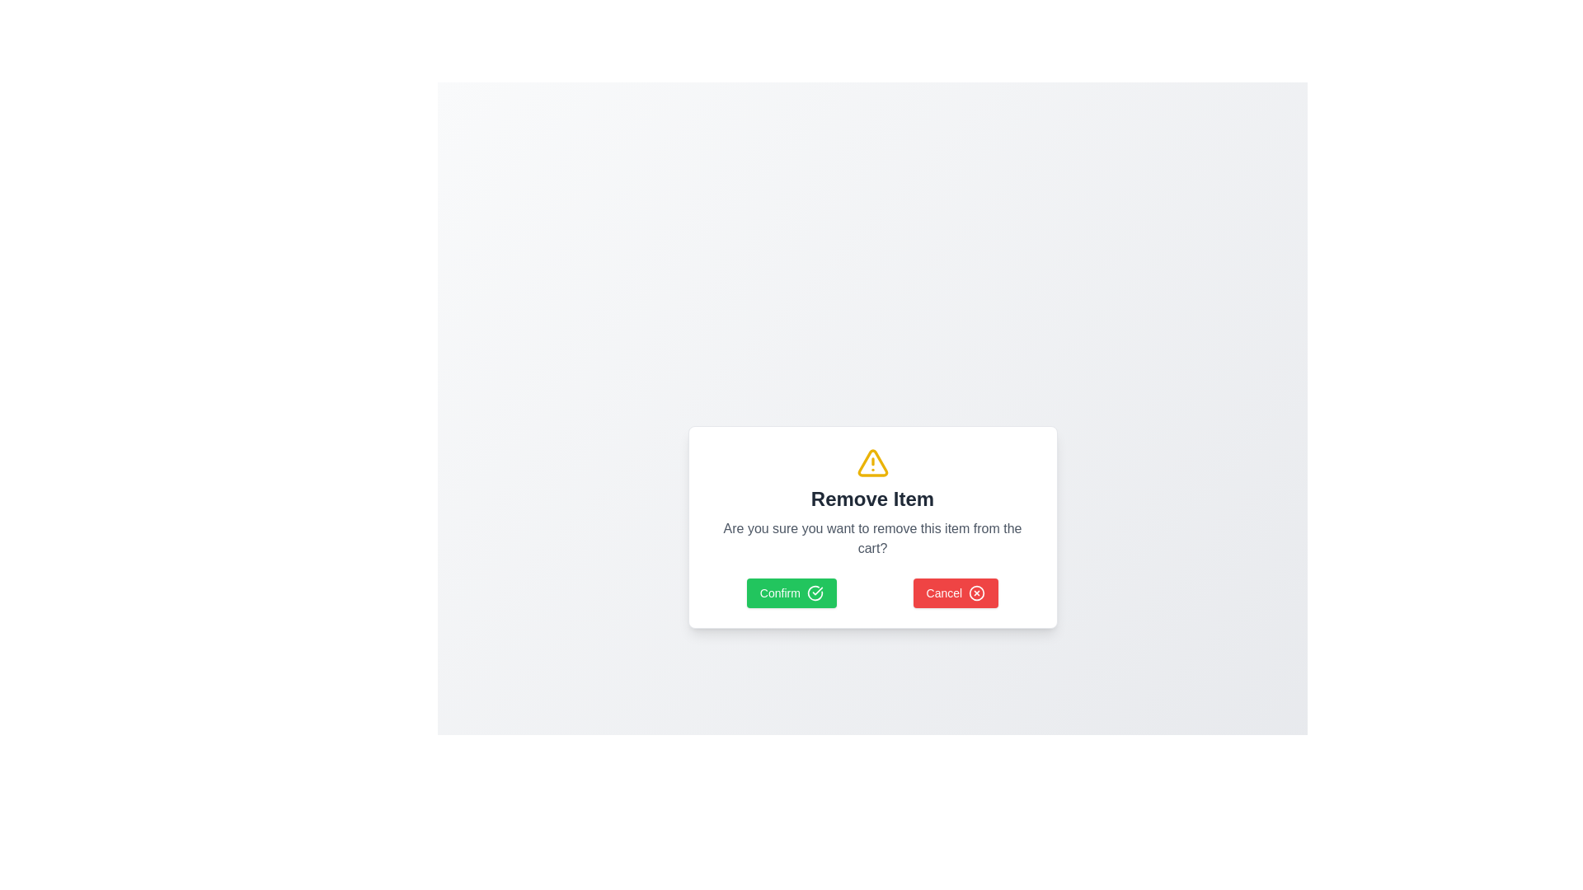 The image size is (1583, 890). I want to click on the red circular graphical element located inside the 'Cancel' button on the notification interface's bottom-right section, so click(977, 593).